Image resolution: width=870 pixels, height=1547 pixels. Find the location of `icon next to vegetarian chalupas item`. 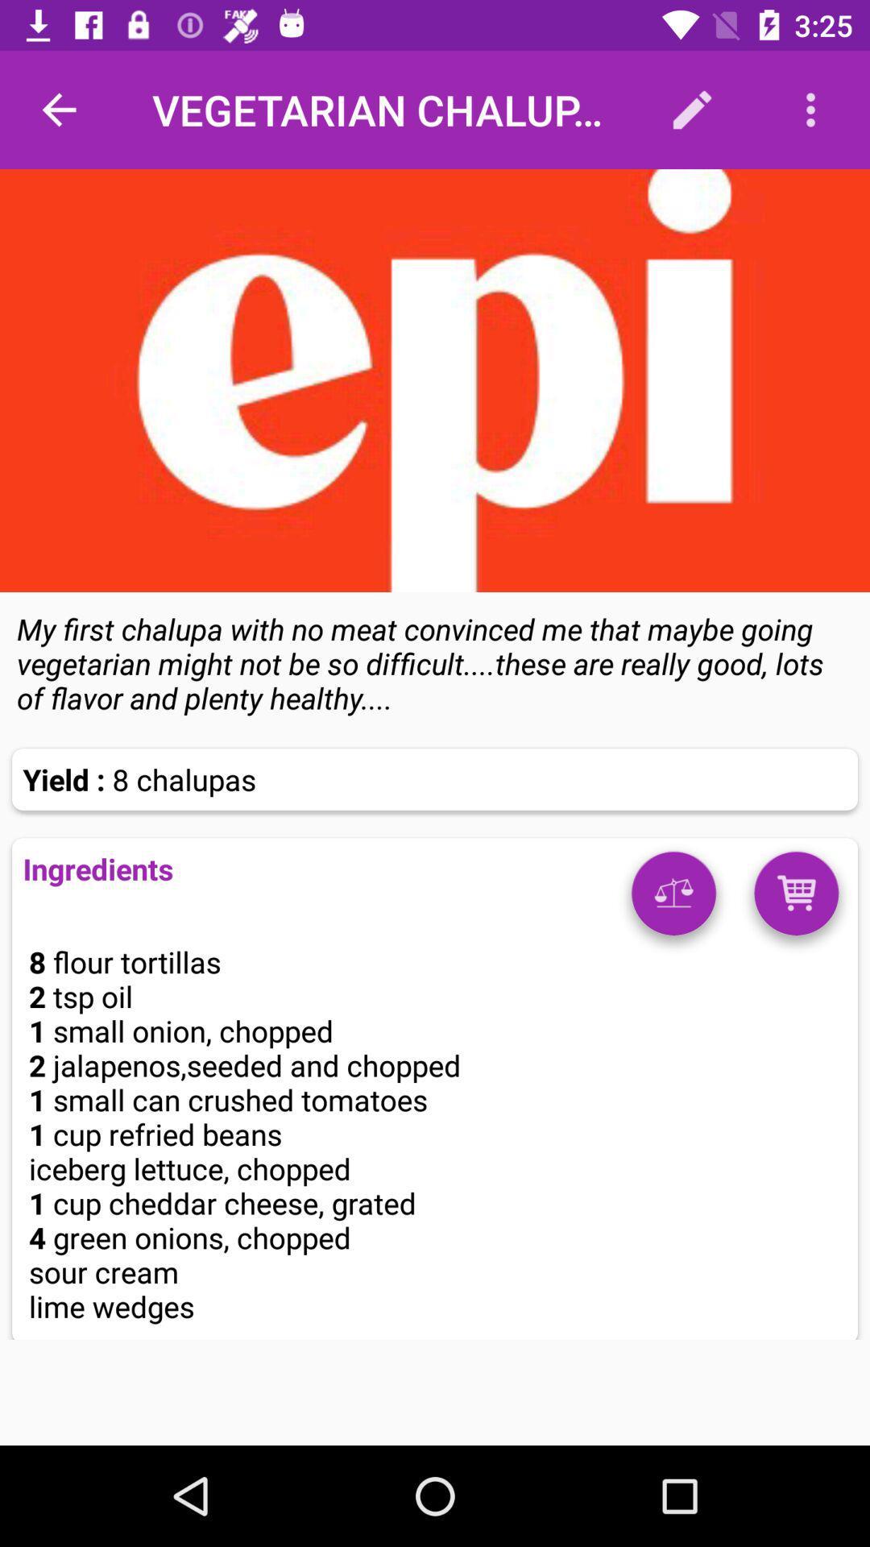

icon next to vegetarian chalupas item is located at coordinates (691, 109).